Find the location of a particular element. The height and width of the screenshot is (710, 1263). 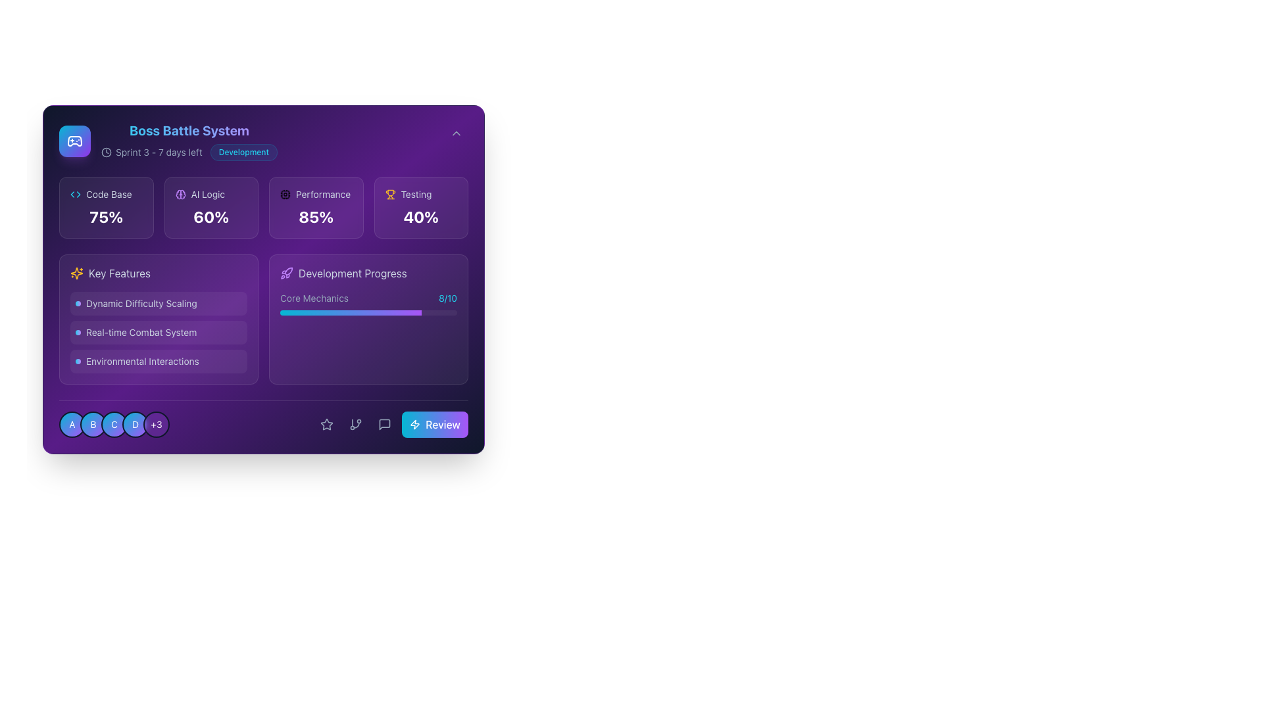

the purple brain SVG icon located in the top central section of the interface, part of the 'AI Logic' row, directly to the left of '60%' is located at coordinates (180, 195).